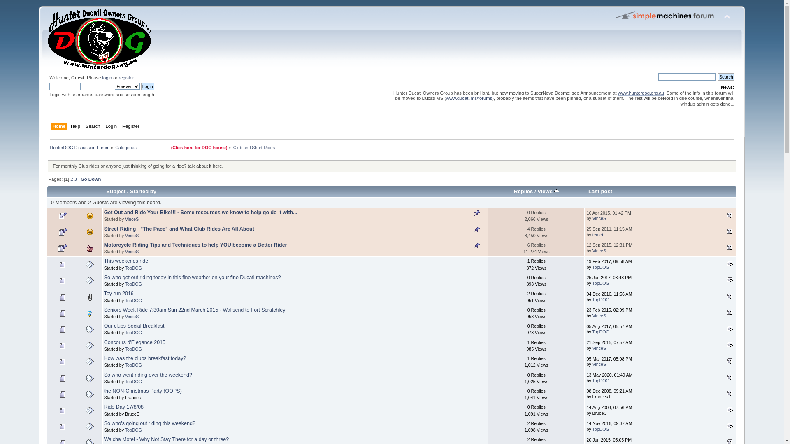  What do you see at coordinates (114, 147) in the screenshot?
I see `'Categories ---------------------- '` at bounding box center [114, 147].